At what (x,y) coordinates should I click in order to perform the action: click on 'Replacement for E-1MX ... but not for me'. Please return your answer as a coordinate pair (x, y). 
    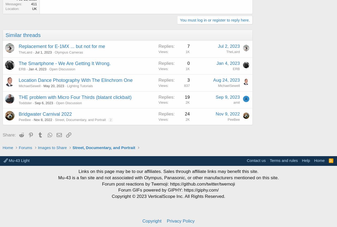
    Looking at the image, I should click on (19, 46).